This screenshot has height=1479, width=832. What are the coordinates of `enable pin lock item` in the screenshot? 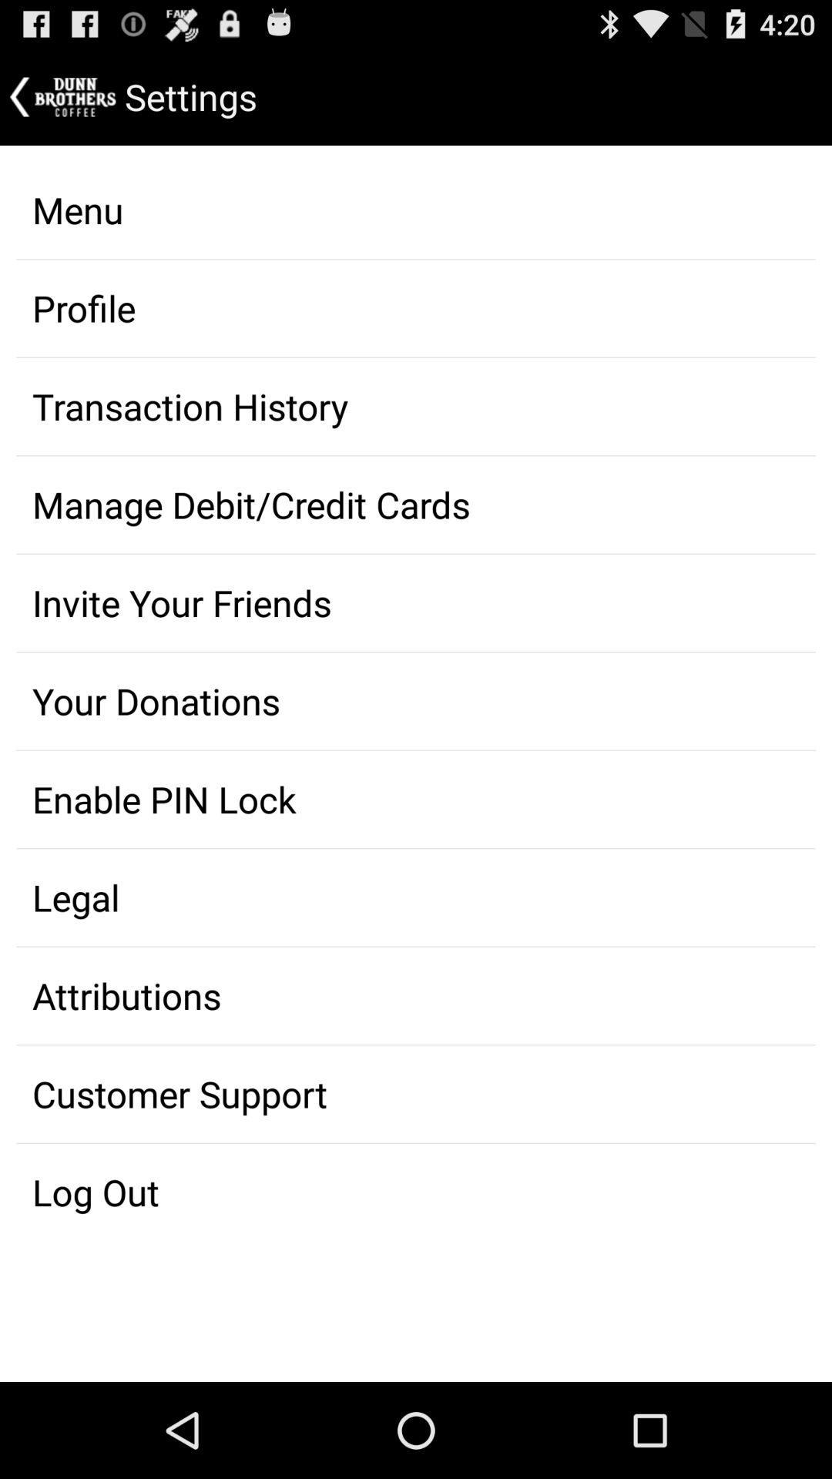 It's located at (416, 799).